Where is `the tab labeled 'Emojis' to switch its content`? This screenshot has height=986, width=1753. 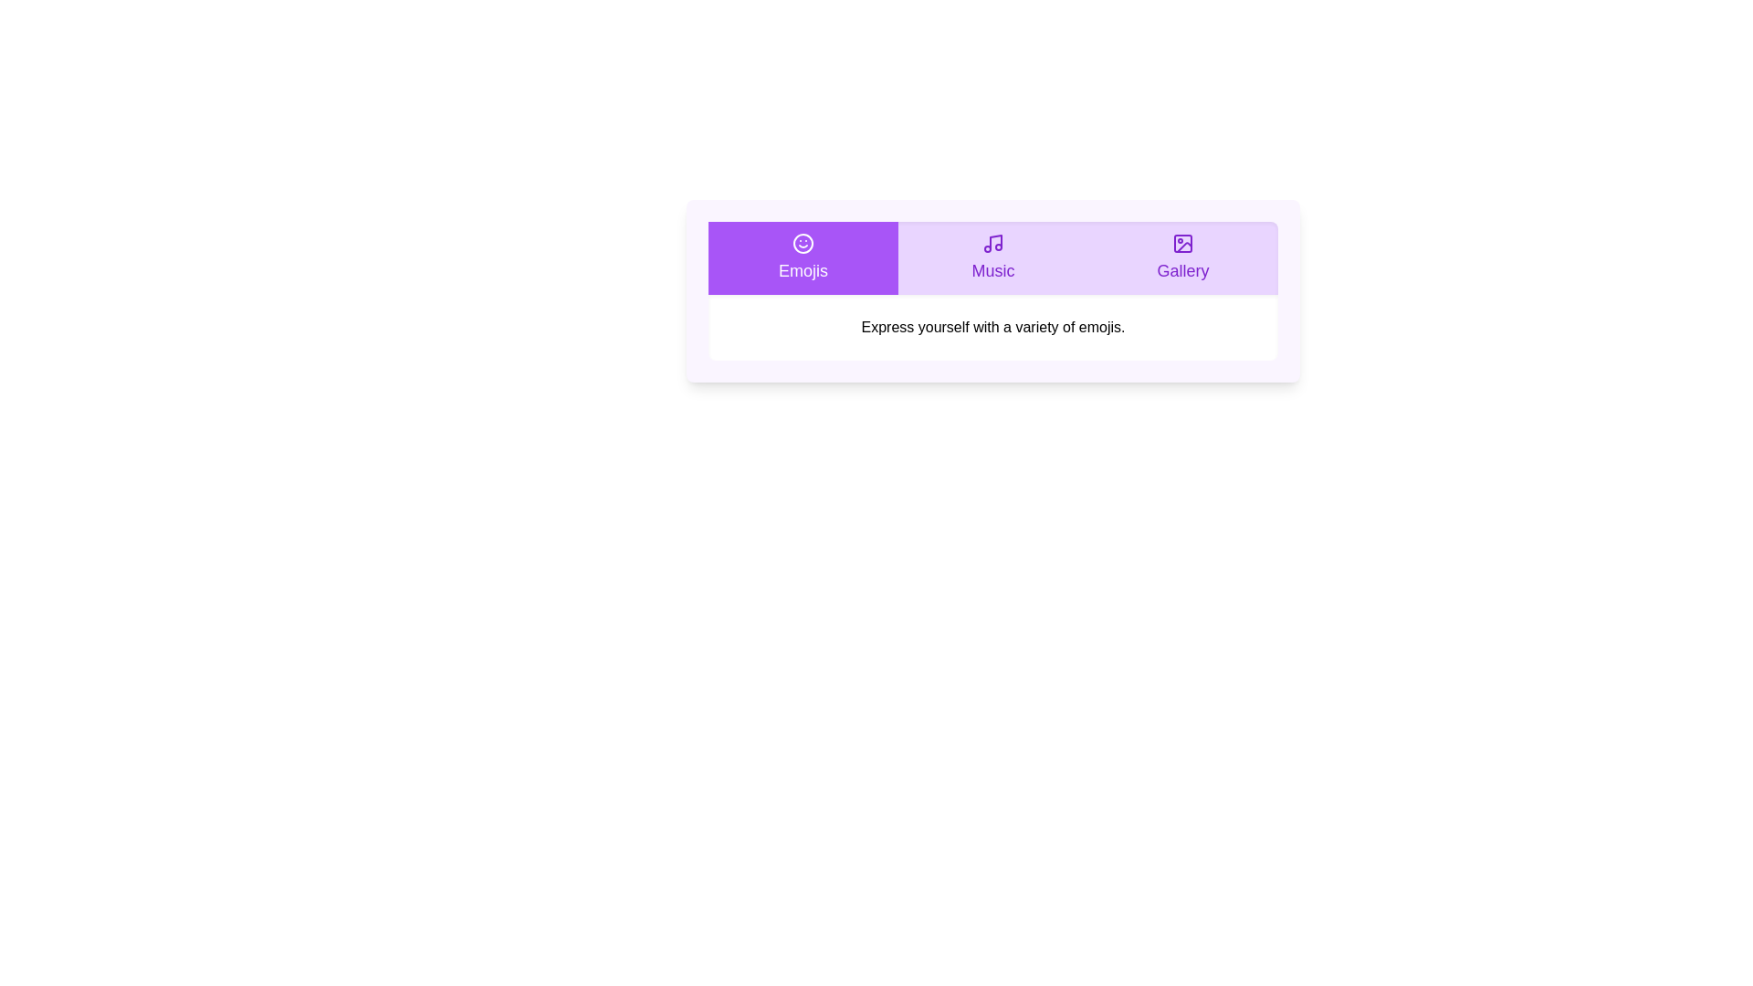 the tab labeled 'Emojis' to switch its content is located at coordinates (803, 257).